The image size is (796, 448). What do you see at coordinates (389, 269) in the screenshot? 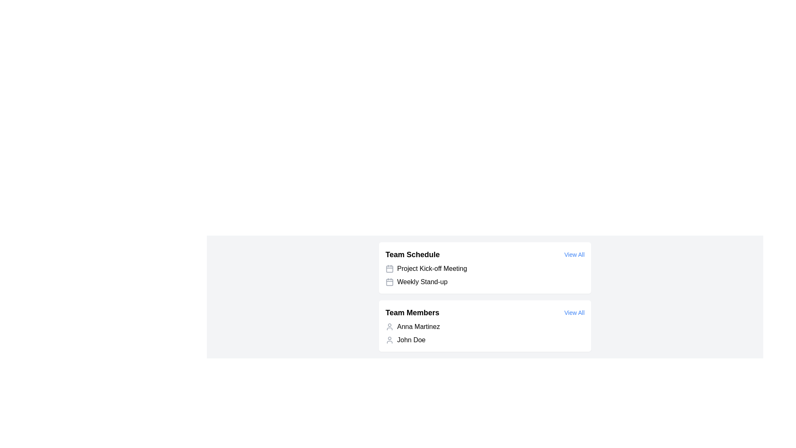
I see `the calendar icon located to the left of the text 'Project Kick-off Meeting' in the 'Team Schedule' section` at bounding box center [389, 269].